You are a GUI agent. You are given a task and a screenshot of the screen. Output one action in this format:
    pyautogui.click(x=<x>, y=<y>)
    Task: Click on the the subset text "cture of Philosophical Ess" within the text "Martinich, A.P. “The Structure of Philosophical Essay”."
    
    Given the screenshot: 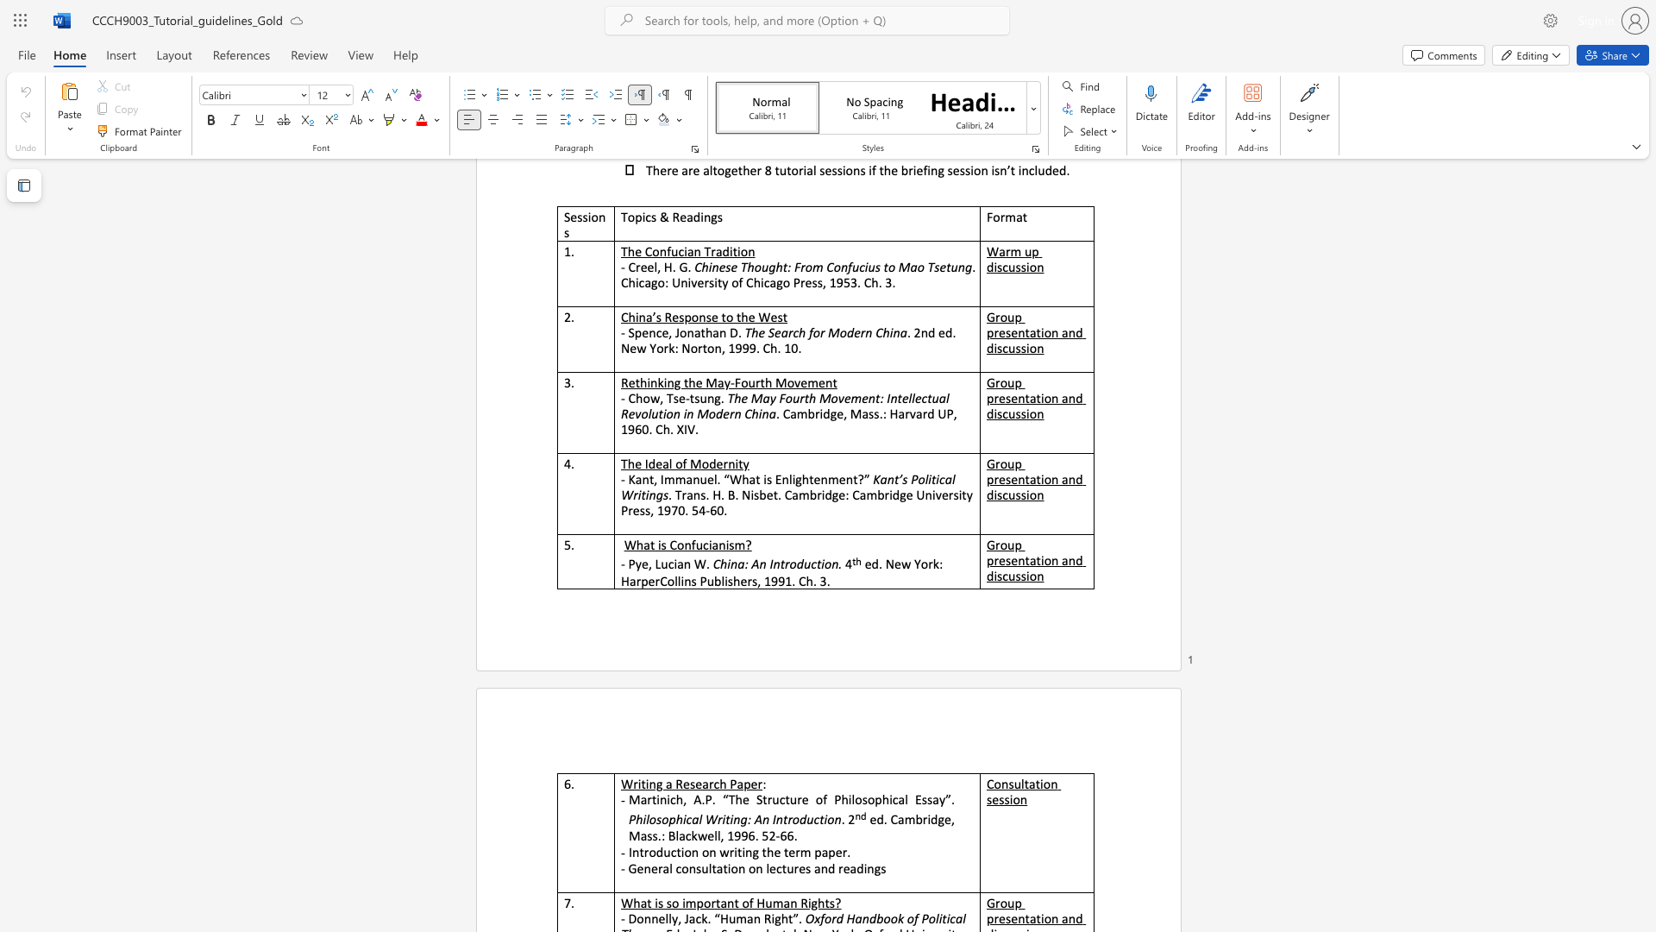 What is the action you would take?
    pyautogui.click(x=778, y=799)
    